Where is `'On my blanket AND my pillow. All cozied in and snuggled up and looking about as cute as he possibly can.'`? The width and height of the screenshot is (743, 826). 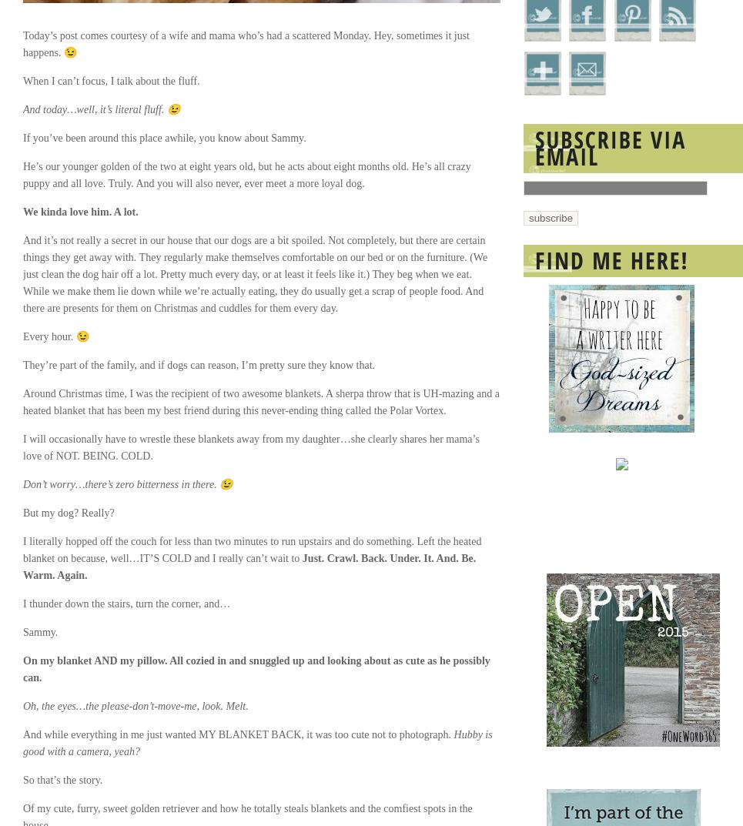 'On my blanket AND my pillow. All cozied in and snuggled up and looking about as cute as he possibly can.' is located at coordinates (256, 668).